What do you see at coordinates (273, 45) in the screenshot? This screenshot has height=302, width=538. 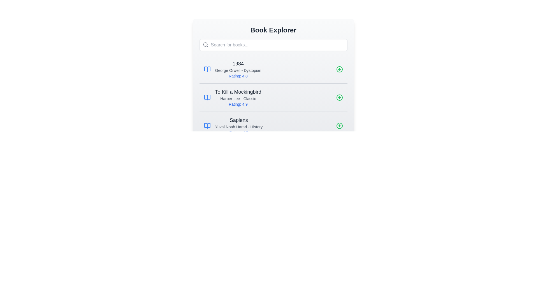 I see `and copy the placeholder text 'Search for books...' from the search input field located at the top of the 'Book Explorer' section` at bounding box center [273, 45].